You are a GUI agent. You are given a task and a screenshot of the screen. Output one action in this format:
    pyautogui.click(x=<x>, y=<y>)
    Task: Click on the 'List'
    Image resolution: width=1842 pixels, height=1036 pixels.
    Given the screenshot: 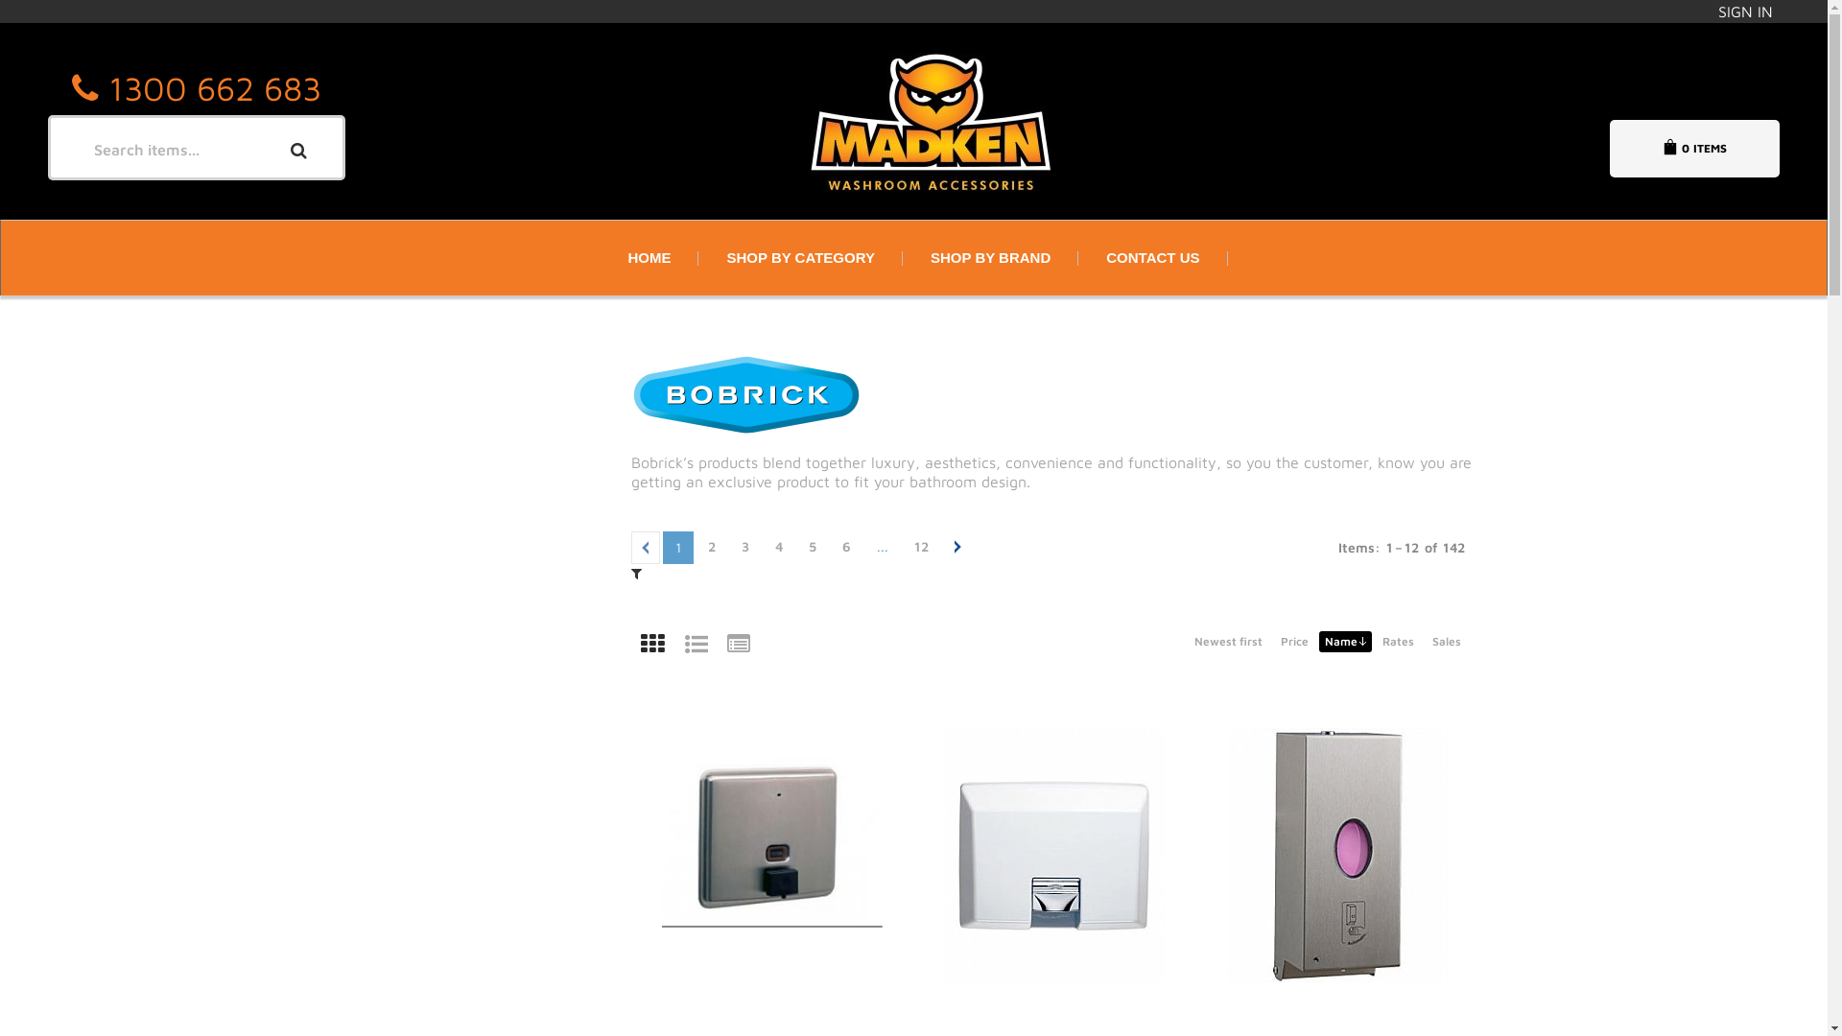 What is the action you would take?
    pyautogui.click(x=695, y=644)
    